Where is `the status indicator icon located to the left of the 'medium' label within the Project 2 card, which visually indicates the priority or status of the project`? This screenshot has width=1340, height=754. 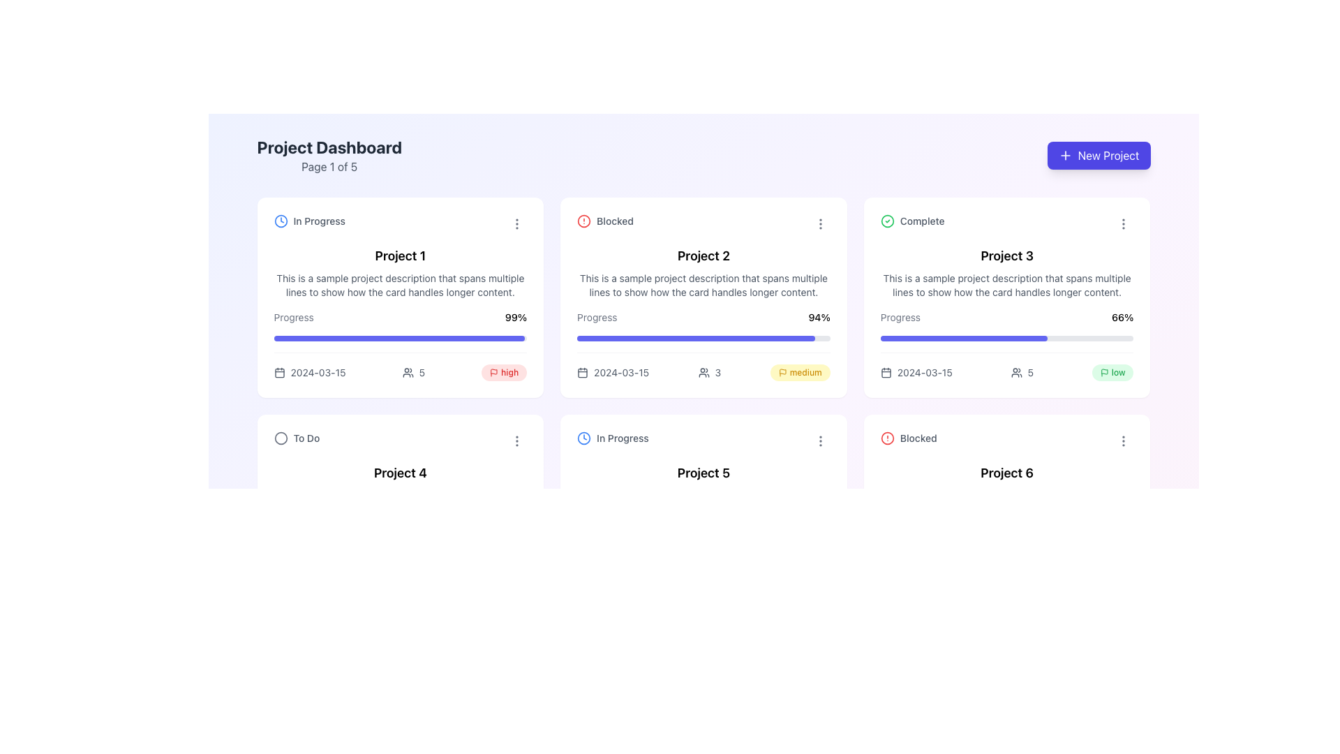 the status indicator icon located to the left of the 'medium' label within the Project 2 card, which visually indicates the priority or status of the project is located at coordinates (782, 371).